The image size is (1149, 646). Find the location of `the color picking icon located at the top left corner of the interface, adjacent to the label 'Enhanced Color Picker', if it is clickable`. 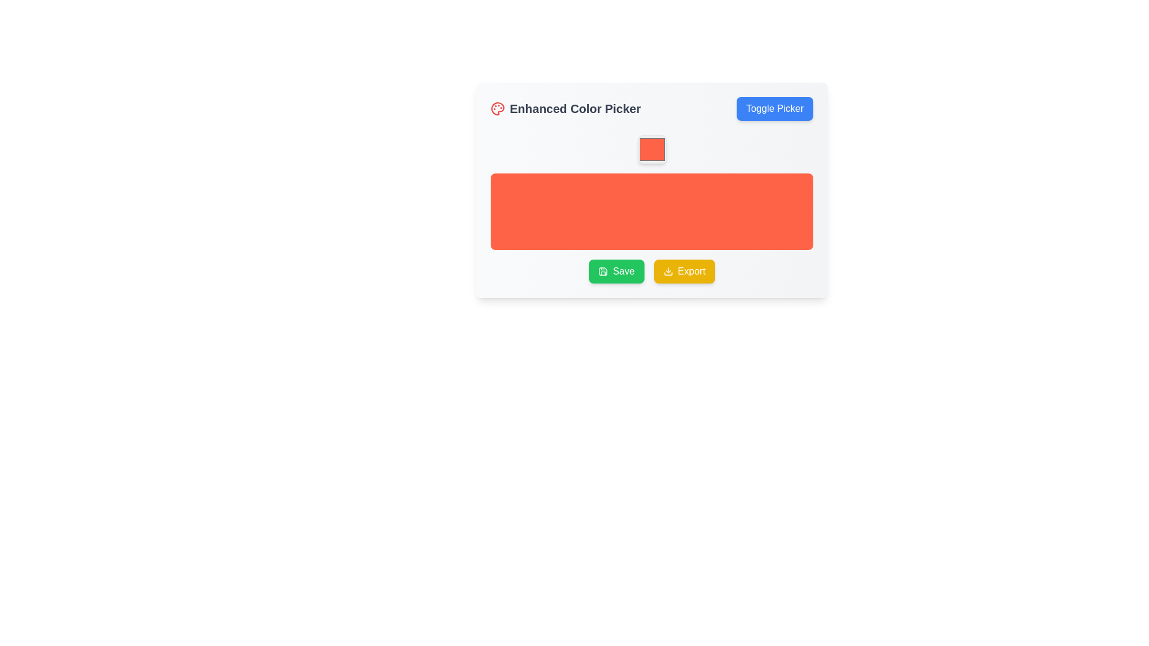

the color picking icon located at the top left corner of the interface, adjacent to the label 'Enhanced Color Picker', if it is clickable is located at coordinates (497, 108).